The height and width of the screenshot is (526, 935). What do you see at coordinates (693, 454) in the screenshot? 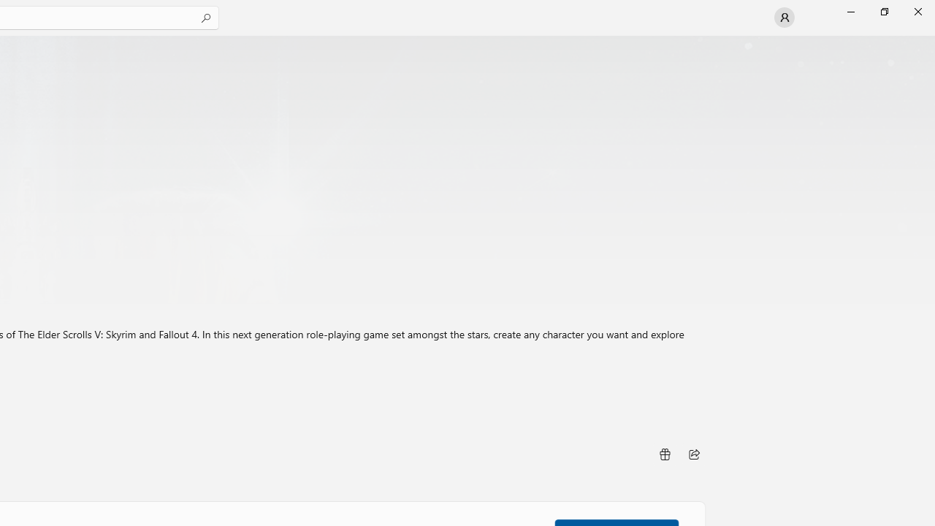
I see `'Share'` at bounding box center [693, 454].